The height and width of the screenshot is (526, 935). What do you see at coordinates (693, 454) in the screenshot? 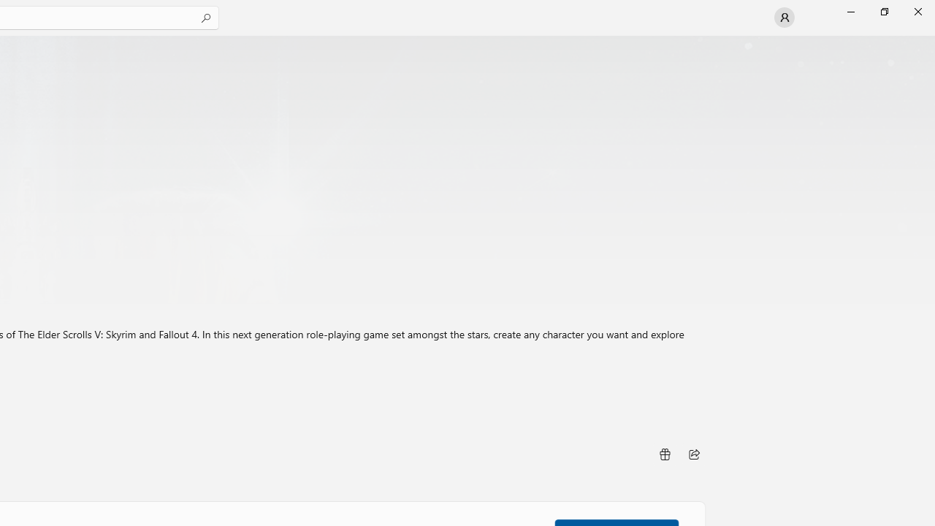
I see `'Share'` at bounding box center [693, 454].